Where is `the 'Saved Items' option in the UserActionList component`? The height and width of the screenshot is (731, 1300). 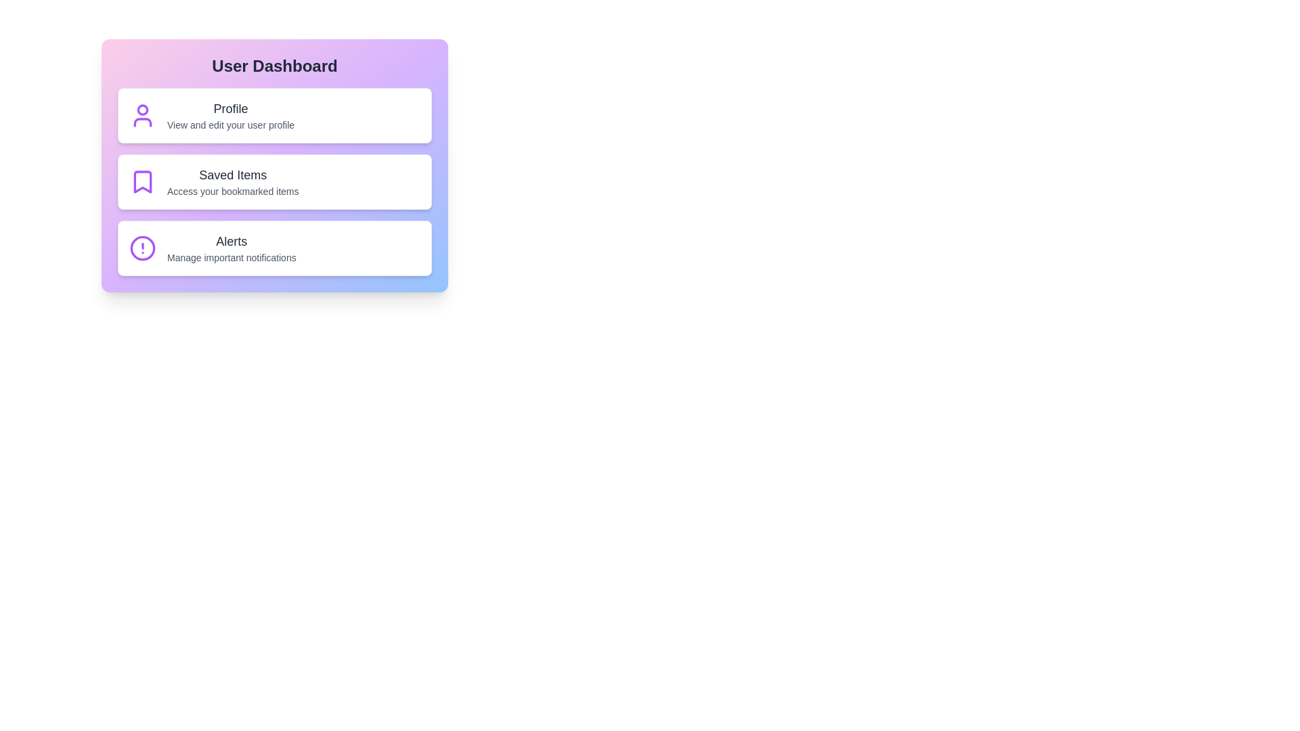
the 'Saved Items' option in the UserActionList component is located at coordinates (274, 181).